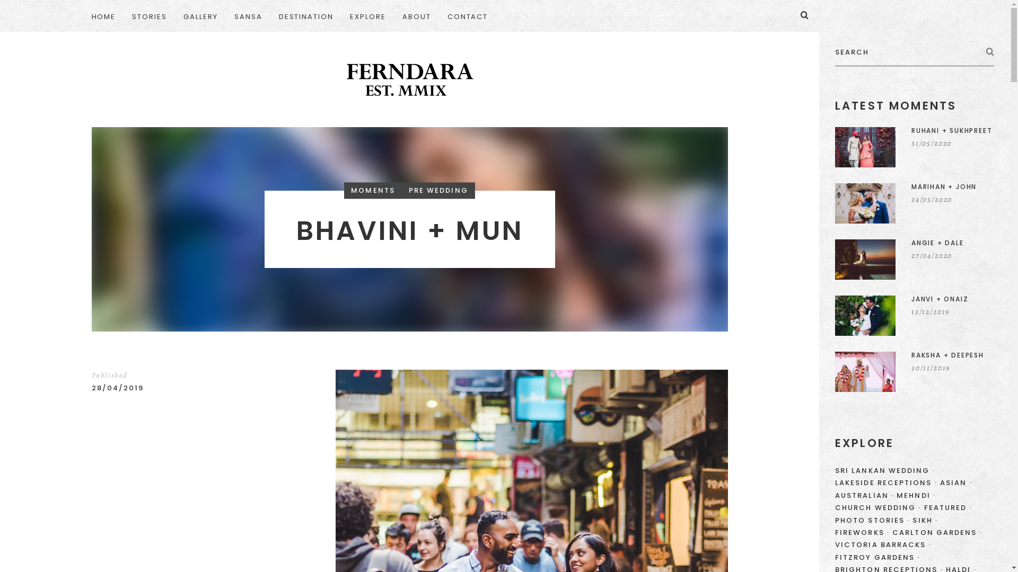 The image size is (1018, 572). Describe the element at coordinates (883, 544) in the screenshot. I see `'VICTORIA BARRACKS'` at that location.